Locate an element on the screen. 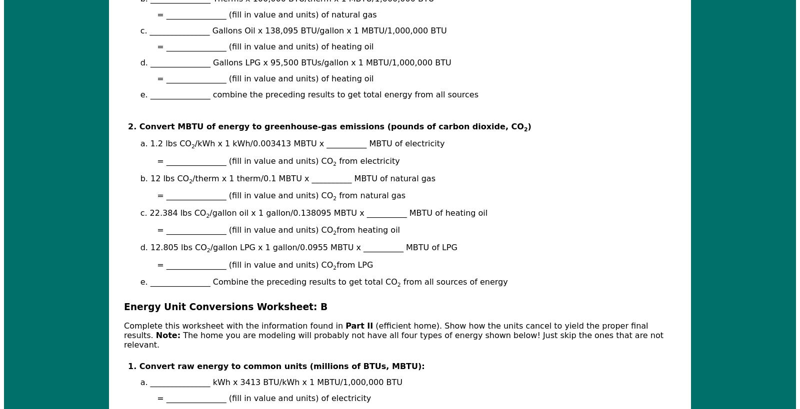 The height and width of the screenshot is (409, 800). 'from all sources of energy' is located at coordinates (400, 282).